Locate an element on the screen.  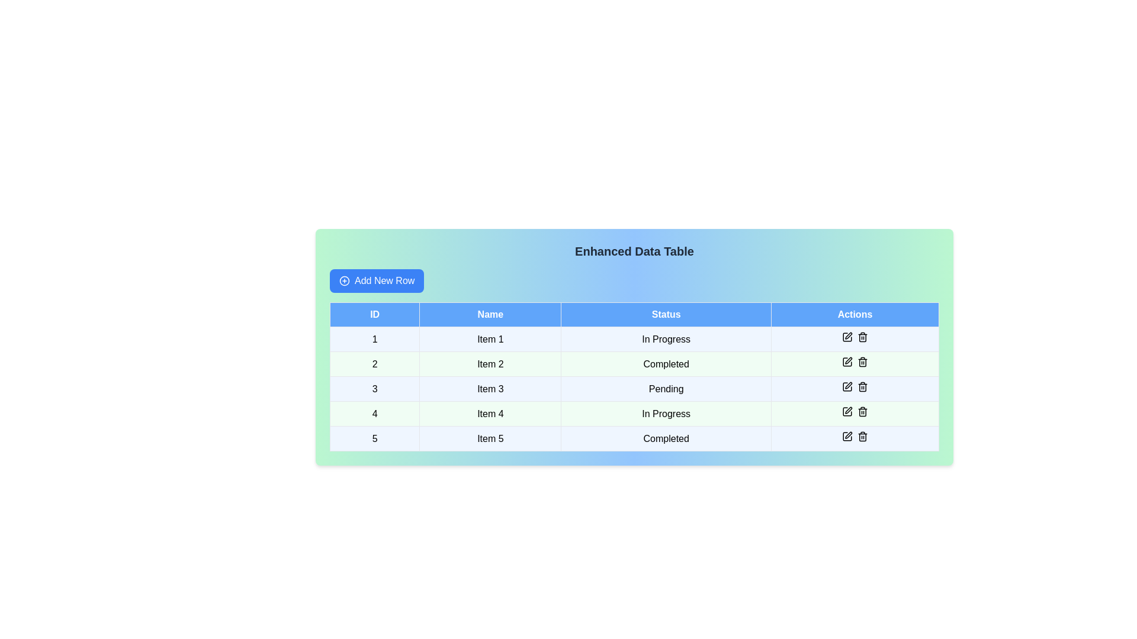
the text label 'Item 5' in the middle cell of the fifth row in the table, located in the 'Name' column is located at coordinates (490, 438).